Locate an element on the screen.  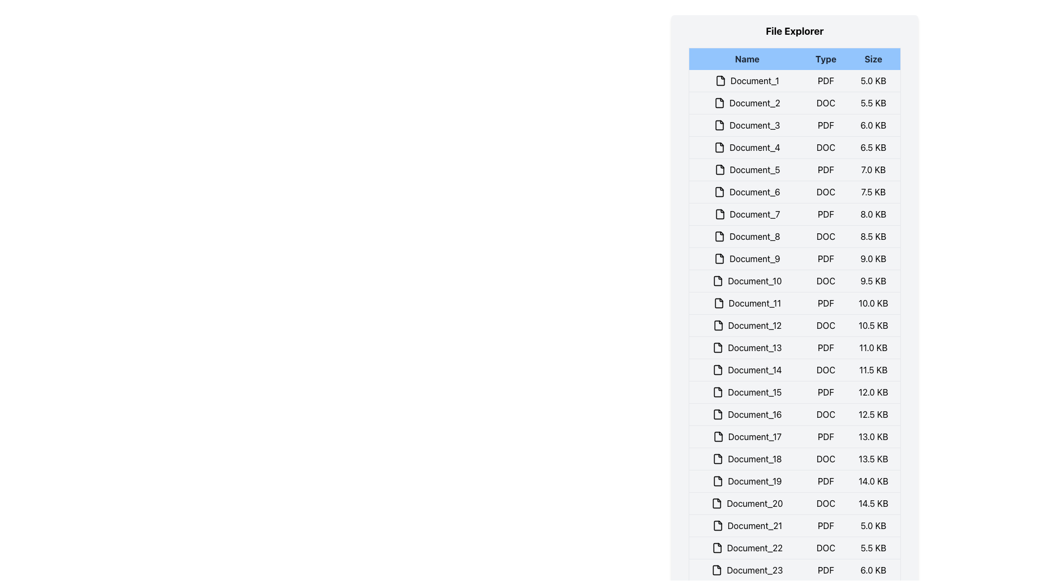
text from the Text label that displays the document size of 12.5 kilobytes, which is located at the center of the last entry in the 'Document_16' row is located at coordinates (873, 414).